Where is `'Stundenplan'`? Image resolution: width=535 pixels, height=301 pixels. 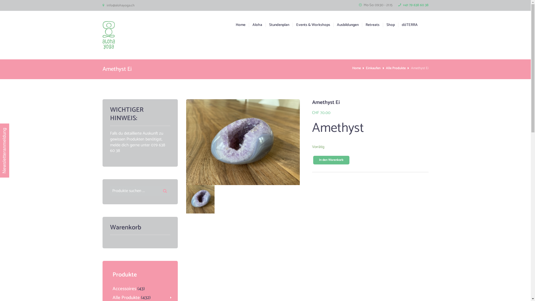
'Stundenplan' is located at coordinates (277, 25).